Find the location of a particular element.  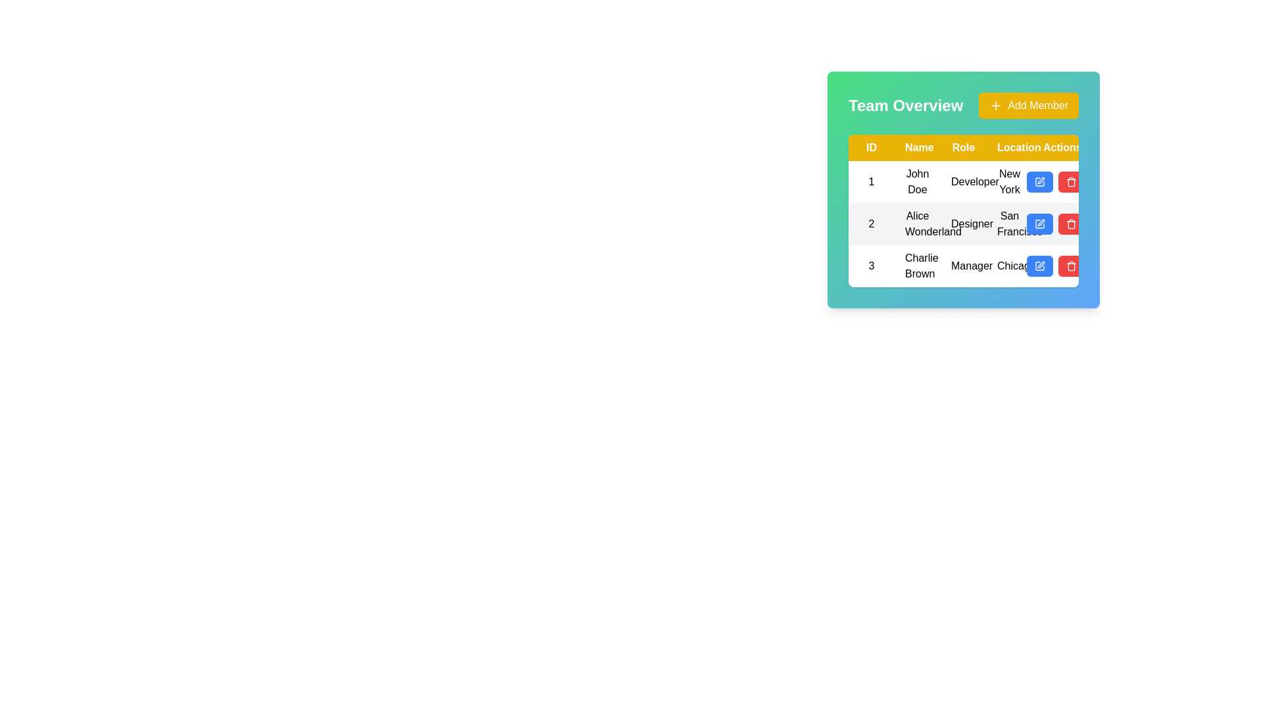

the blue edit button with a white pen icon located in the Action column of the second row in the 'Team Overview' table is located at coordinates (1039, 223).